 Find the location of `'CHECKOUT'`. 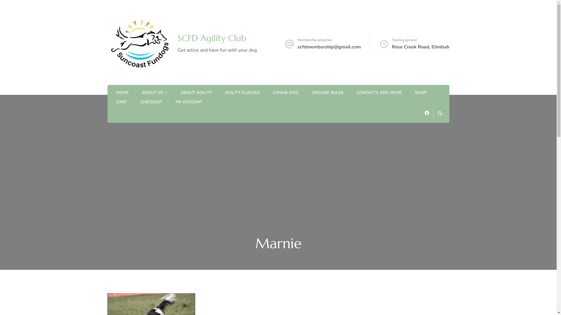

'CHECKOUT' is located at coordinates (151, 102).